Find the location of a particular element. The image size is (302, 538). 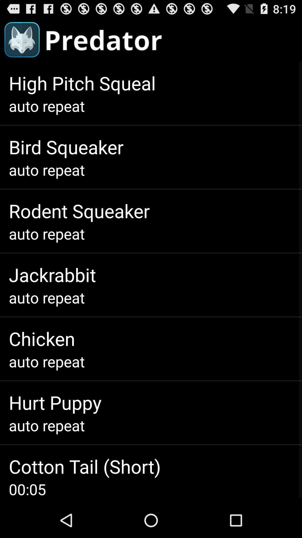

the item above the auto repeat is located at coordinates (55, 402).